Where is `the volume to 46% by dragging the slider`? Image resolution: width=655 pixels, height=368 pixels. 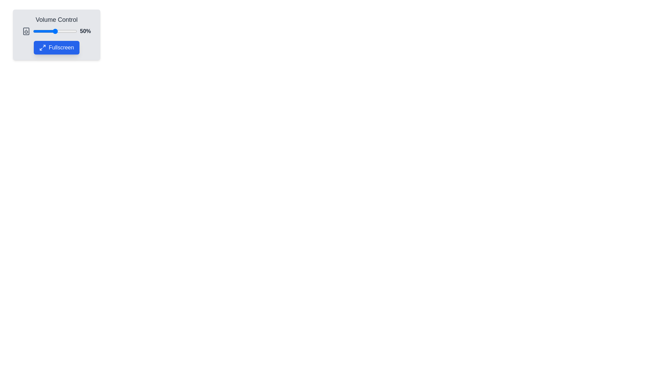
the volume to 46% by dragging the slider is located at coordinates (53, 31).